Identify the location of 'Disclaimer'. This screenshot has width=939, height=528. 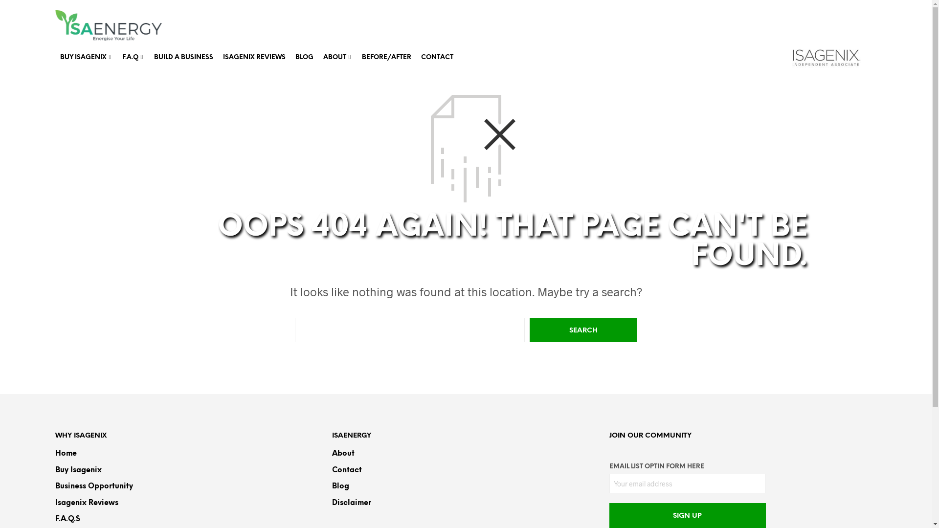
(352, 503).